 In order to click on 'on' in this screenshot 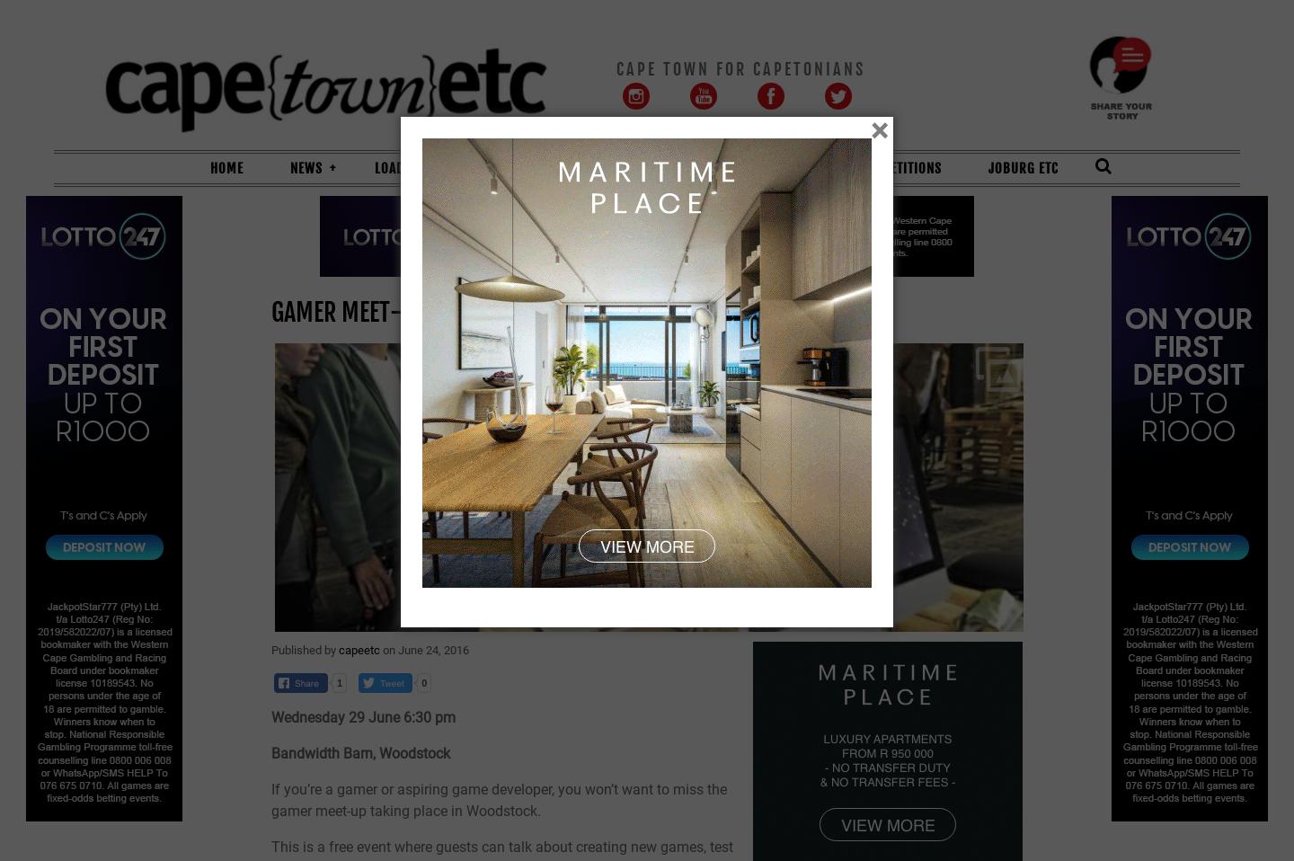, I will do `click(380, 650)`.